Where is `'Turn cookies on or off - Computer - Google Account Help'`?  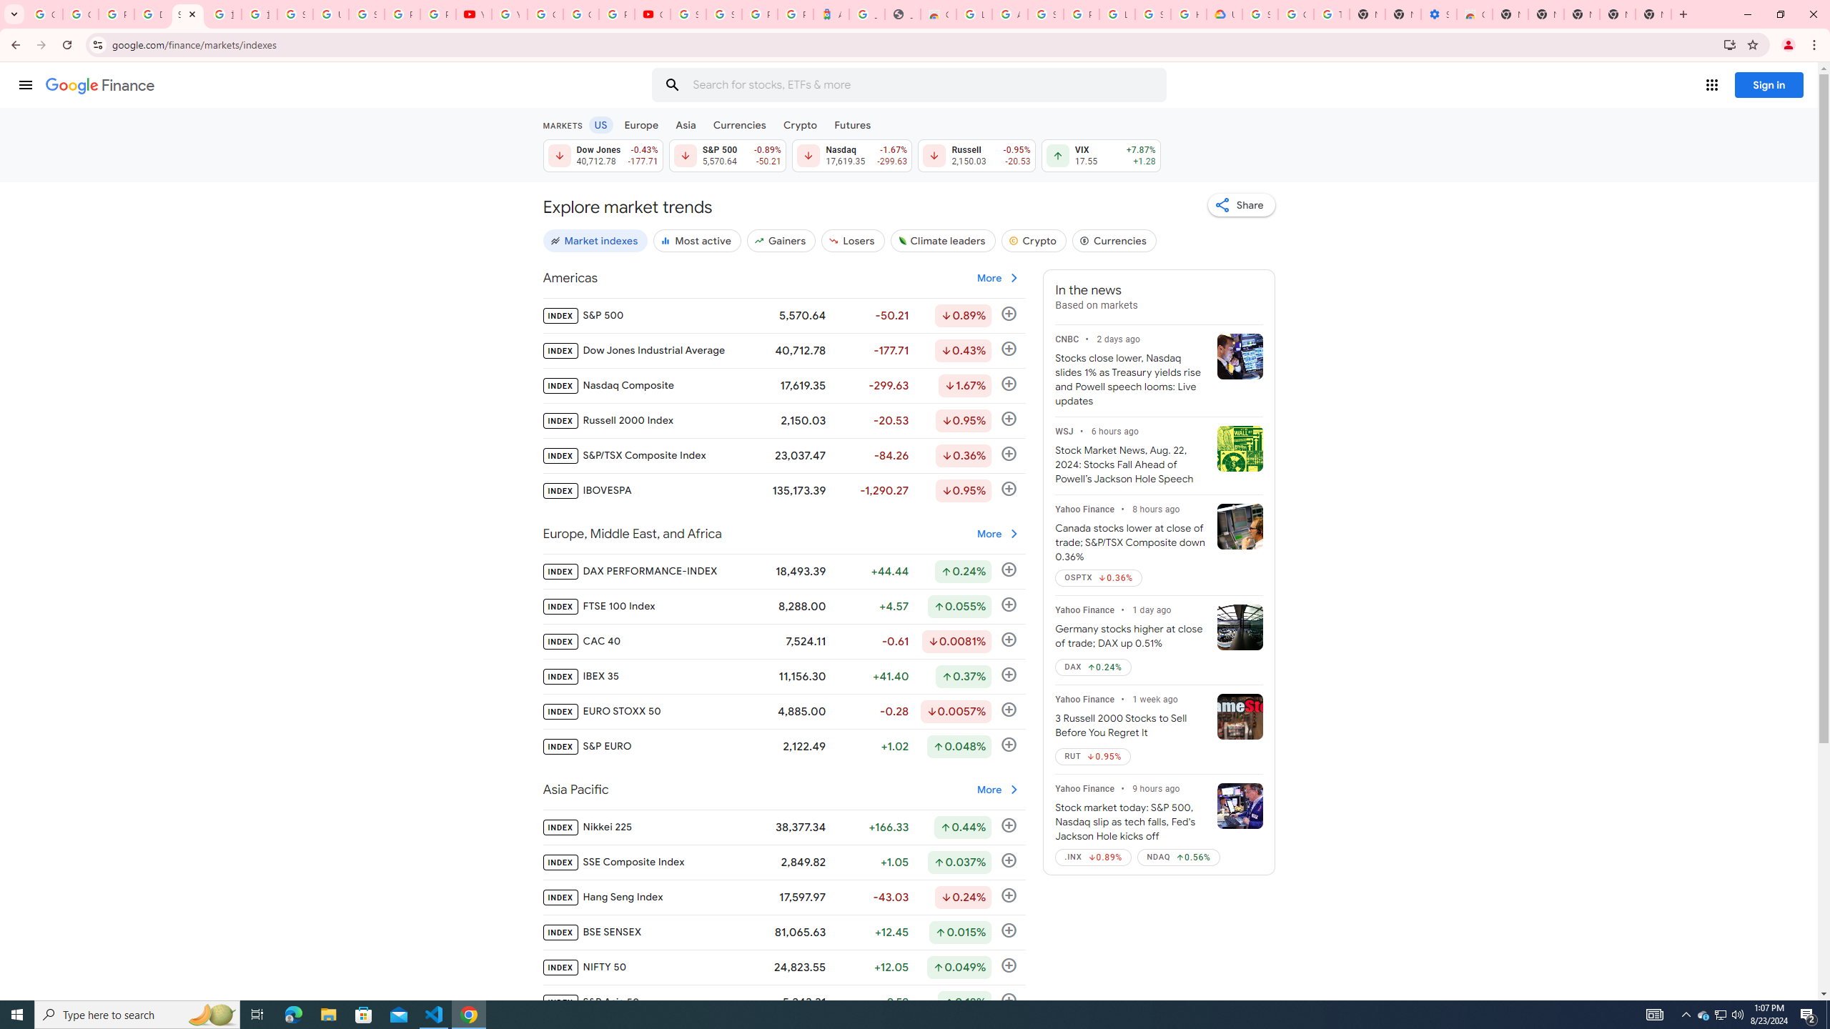
'Turn cookies on or off - Computer - Google Account Help' is located at coordinates (1331, 14).